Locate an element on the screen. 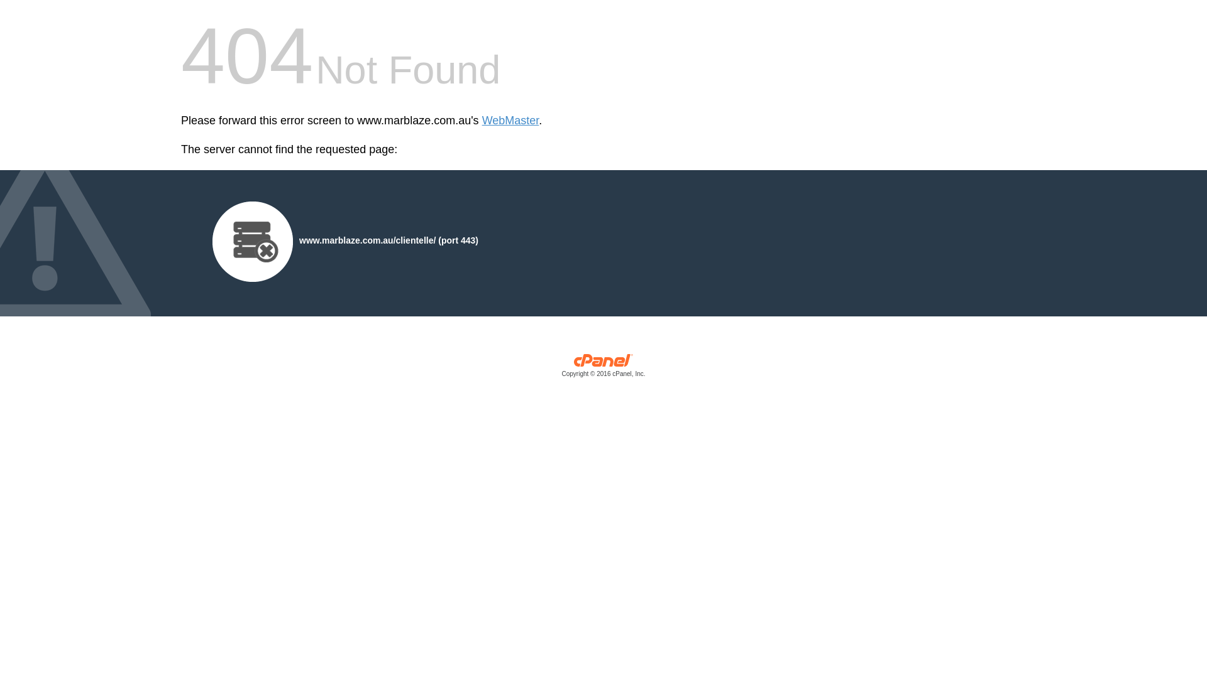 The height and width of the screenshot is (678, 1207). 'WebMaster' is located at coordinates (510, 121).